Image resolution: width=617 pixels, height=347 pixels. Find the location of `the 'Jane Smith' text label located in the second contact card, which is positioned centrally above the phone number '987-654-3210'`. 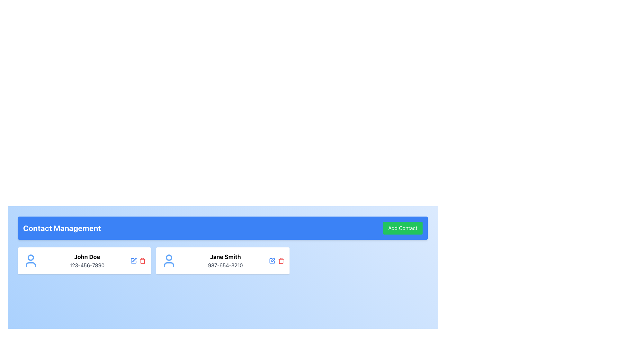

the 'Jane Smith' text label located in the second contact card, which is positioned centrally above the phone number '987-654-3210' is located at coordinates (225, 256).